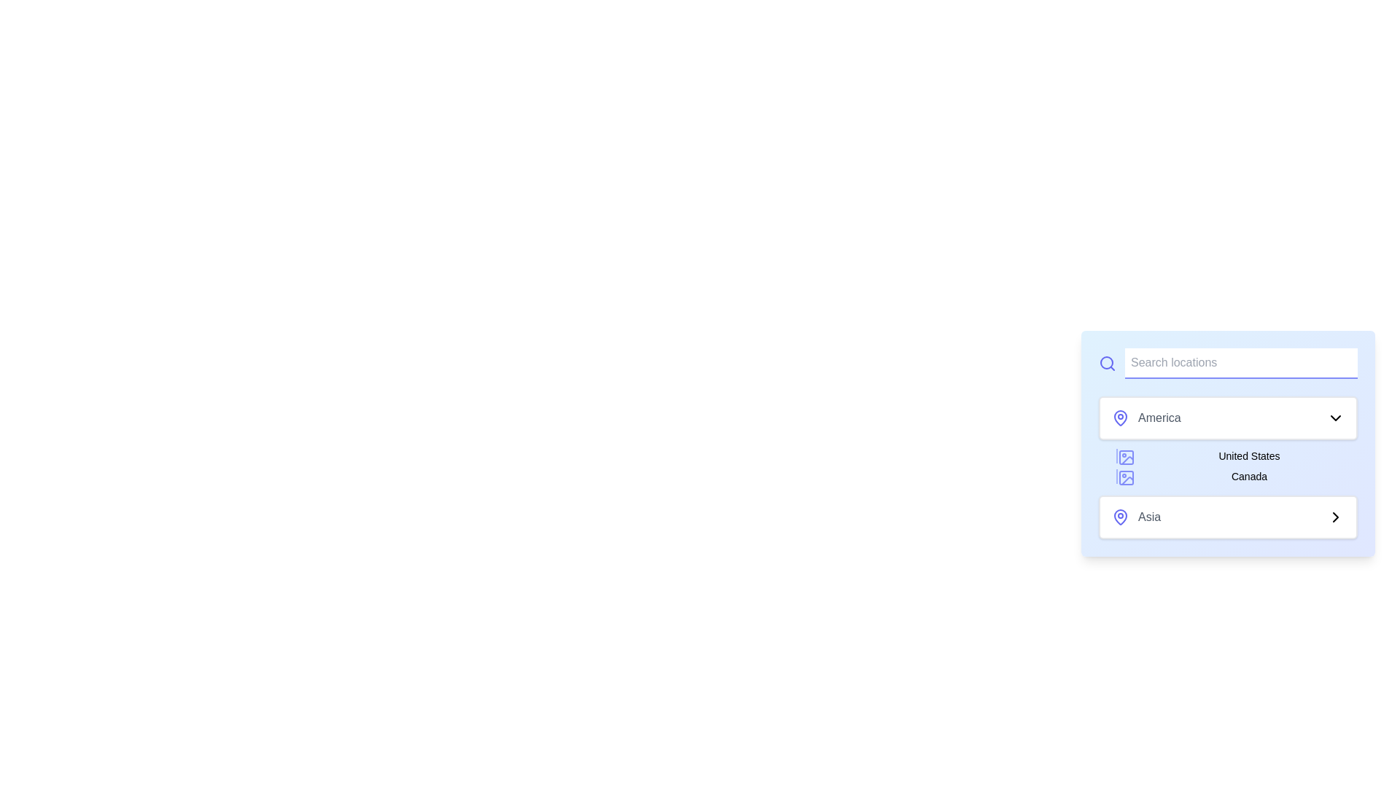 The width and height of the screenshot is (1400, 787). Describe the element at coordinates (1107, 362) in the screenshot. I see `the circular indigo magnifying glass icon` at that location.